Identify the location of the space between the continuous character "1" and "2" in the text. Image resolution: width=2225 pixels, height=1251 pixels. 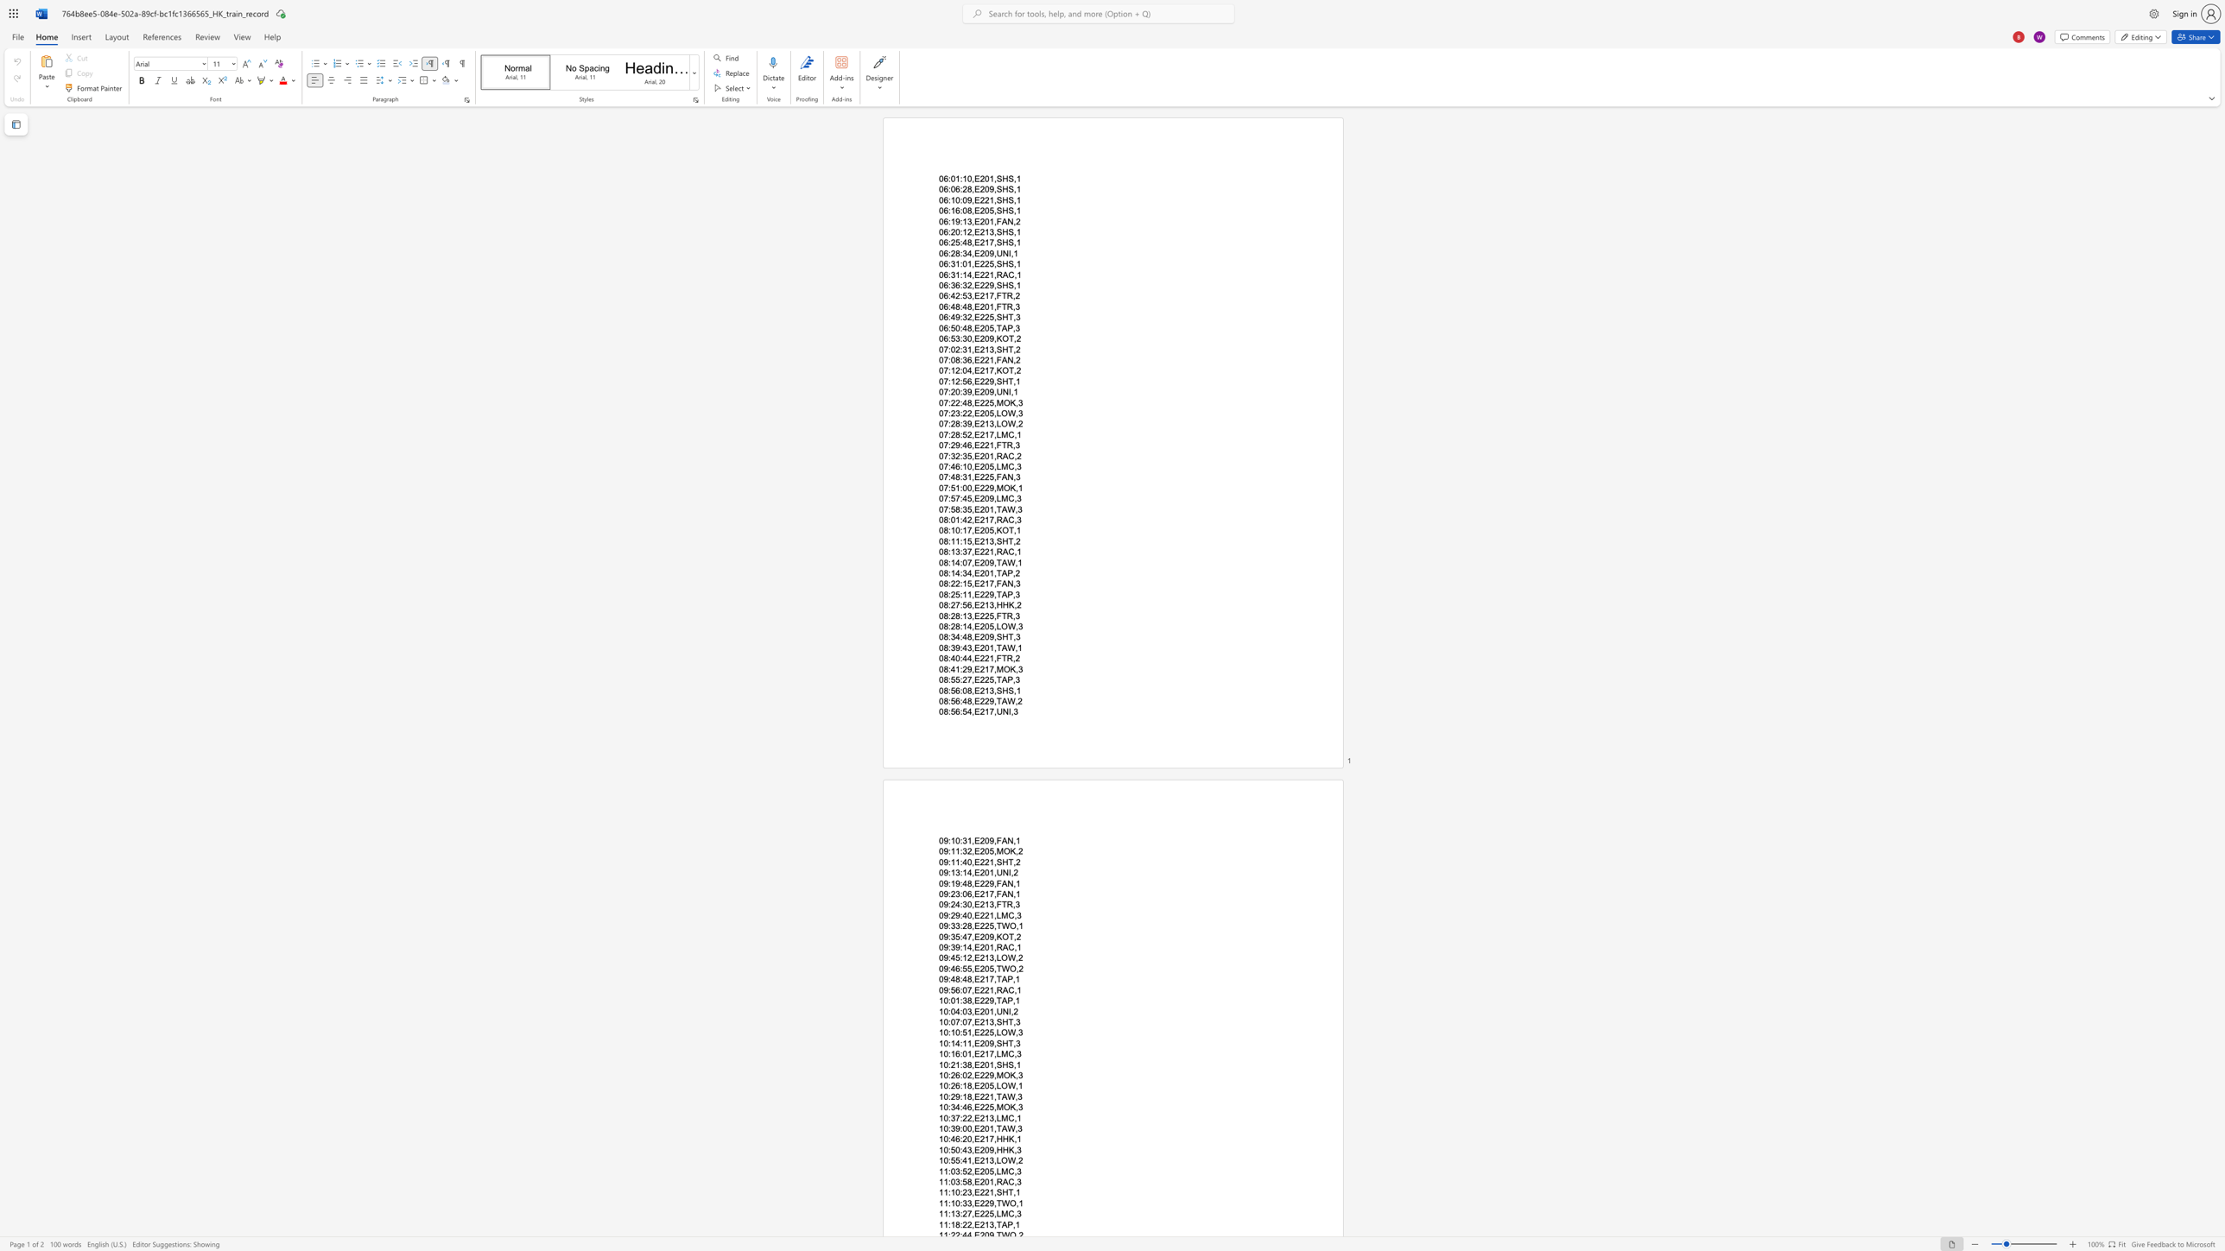
(967, 231).